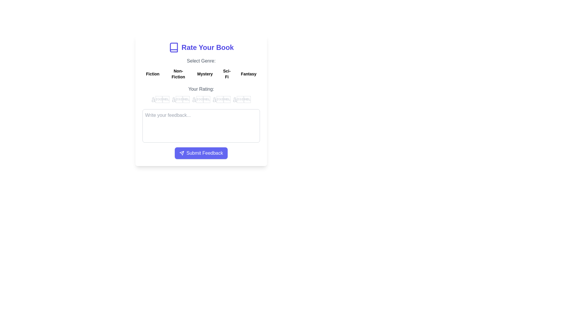 The width and height of the screenshot is (564, 317). I want to click on the 'Sci-Fi' button, which is the fourth genre-selection tag styled with a soft background and rounded corners, positioned below the 'Select Genre' label, so click(226, 73).